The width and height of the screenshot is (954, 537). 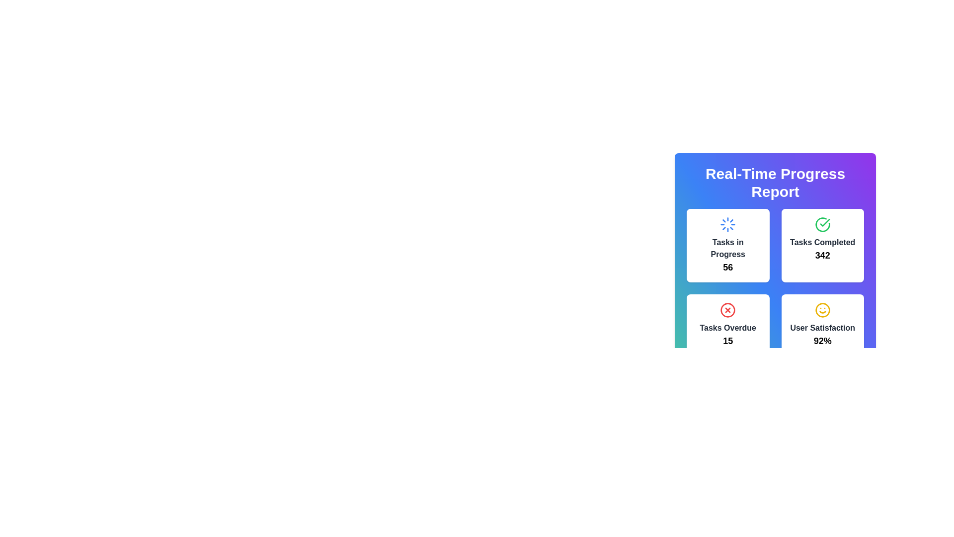 What do you see at coordinates (728, 248) in the screenshot?
I see `the Text label indicating 'Tasks in Progress' located in the upper-left card of a grid, inside a white rounded shadowed box` at bounding box center [728, 248].